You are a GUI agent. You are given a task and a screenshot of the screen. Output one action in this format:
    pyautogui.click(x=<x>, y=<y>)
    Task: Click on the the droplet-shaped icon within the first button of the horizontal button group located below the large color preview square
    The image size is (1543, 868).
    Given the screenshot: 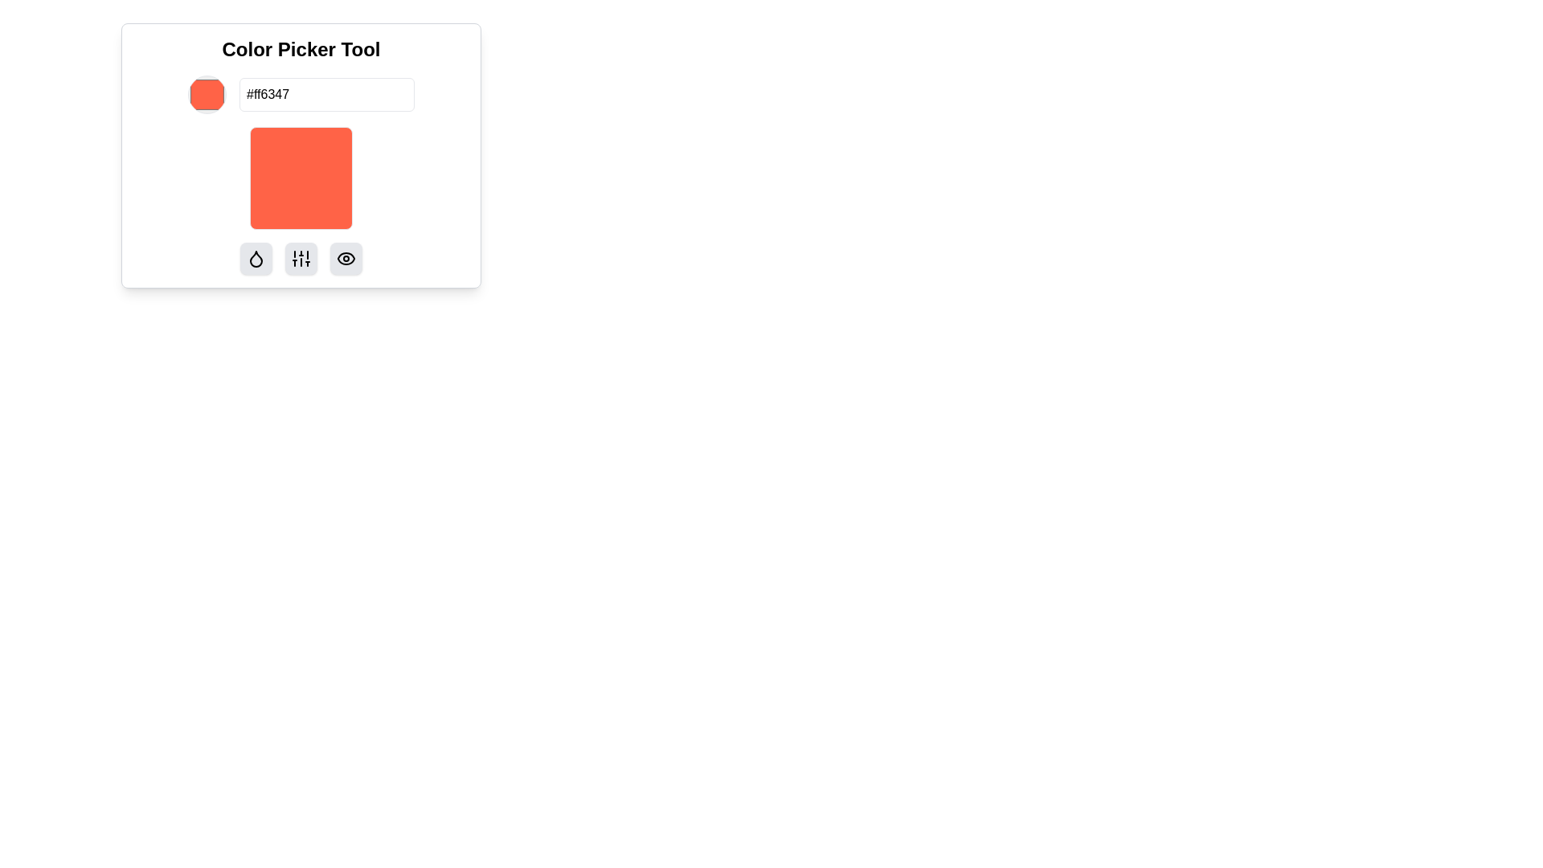 What is the action you would take?
    pyautogui.click(x=255, y=257)
    